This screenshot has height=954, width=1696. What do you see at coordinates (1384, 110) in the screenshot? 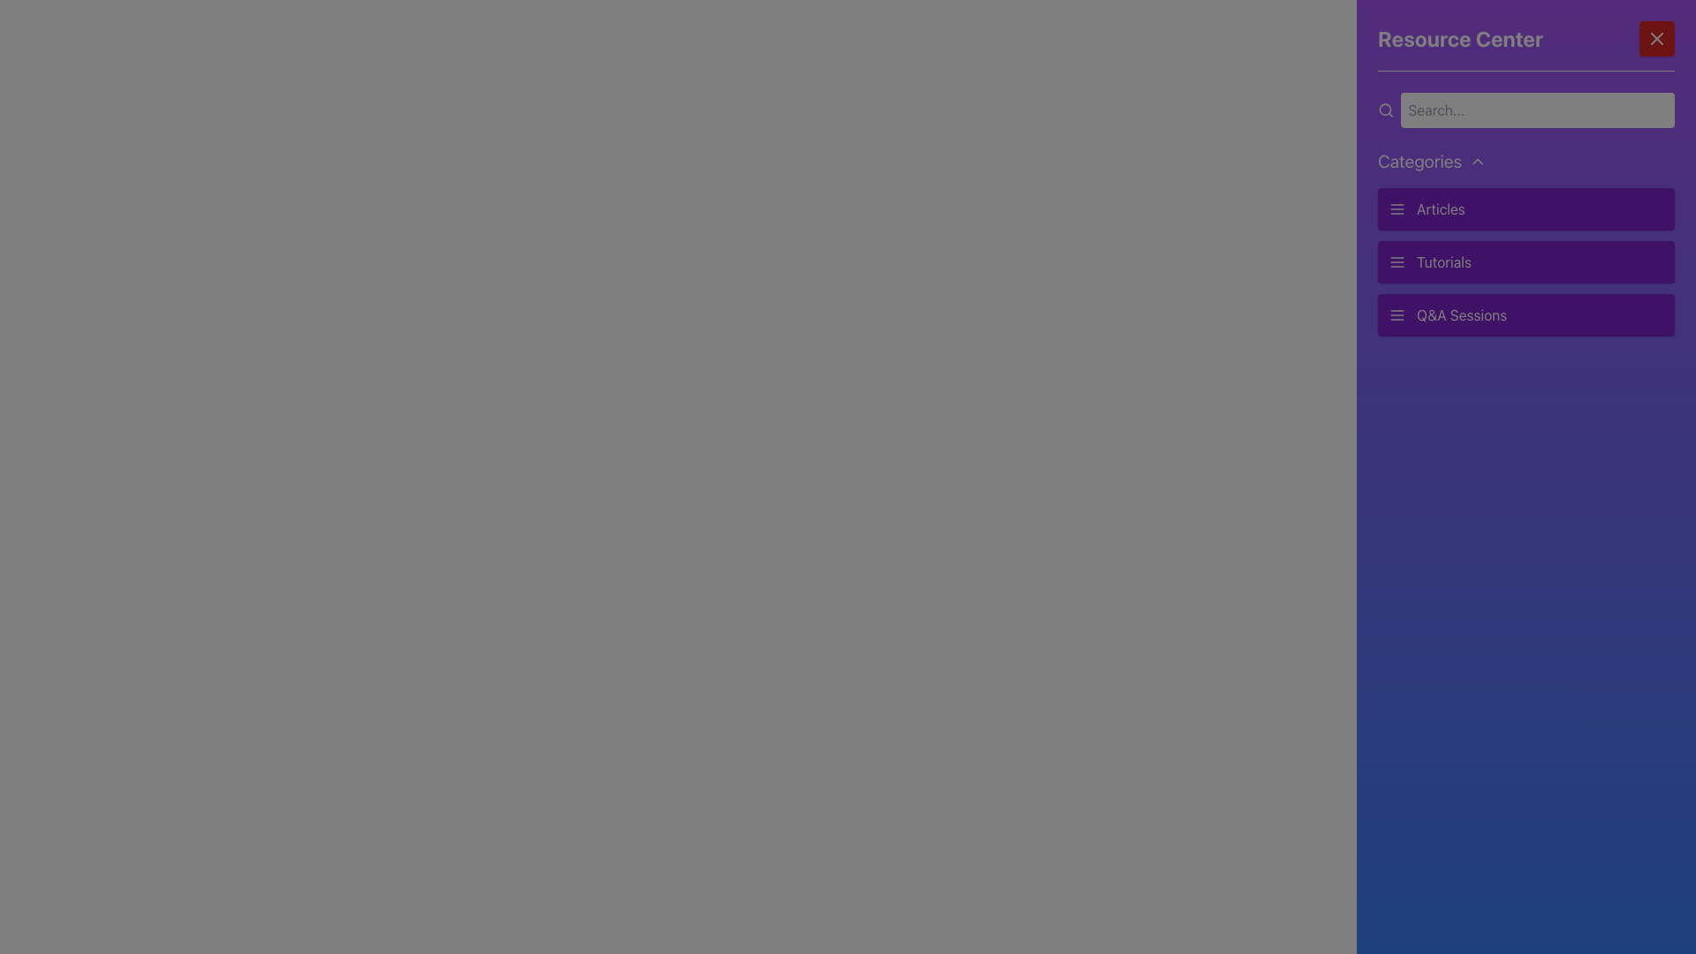
I see `the small circle icon within the SVG structure in the top-left area of the Resource Center panel, adjacent to the search input field, if it is interactive` at bounding box center [1384, 110].